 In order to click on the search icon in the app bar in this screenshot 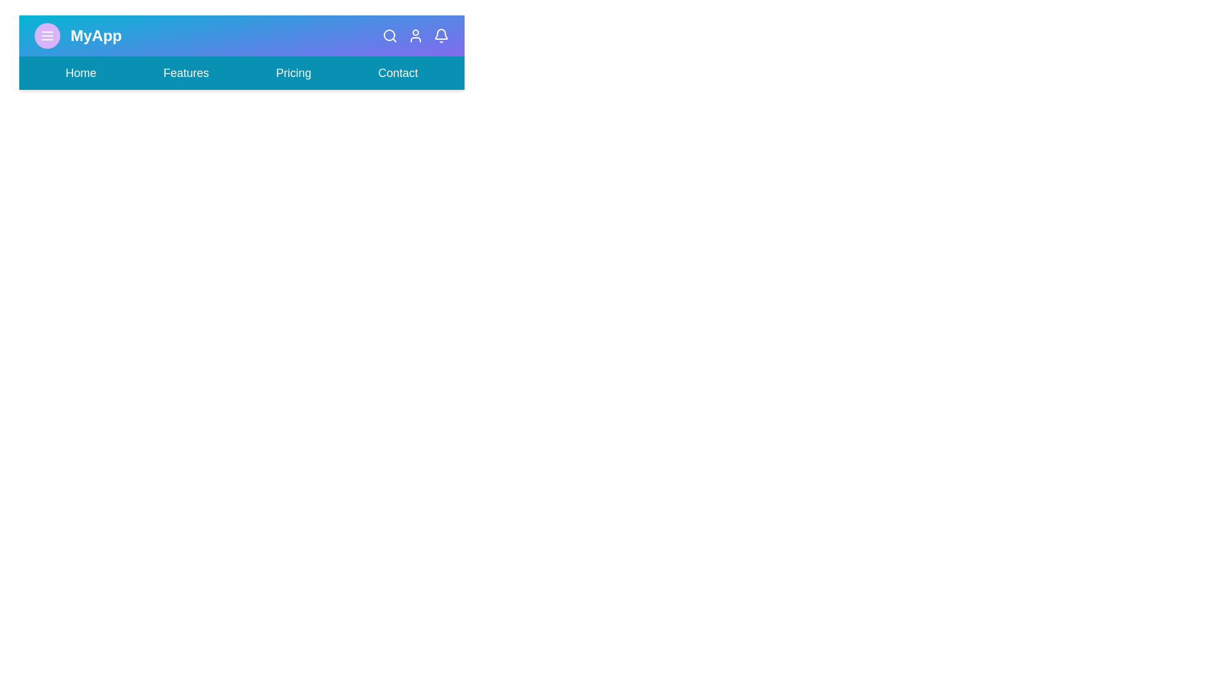, I will do `click(389, 35)`.